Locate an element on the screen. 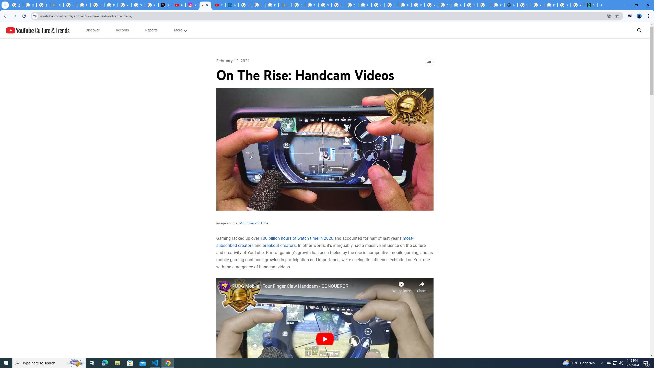 Image resolution: width=654 pixels, height=368 pixels. 'subnav-More menupopup' is located at coordinates (180, 30).